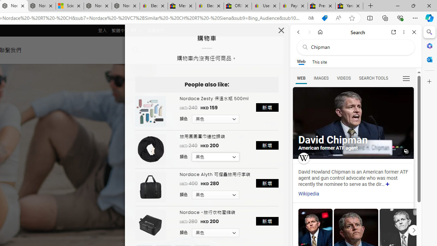 The image size is (437, 246). What do you see at coordinates (429, 59) in the screenshot?
I see `'Outlook'` at bounding box center [429, 59].